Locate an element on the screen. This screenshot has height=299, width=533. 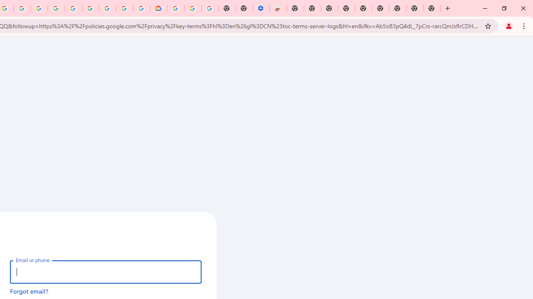
'Google Account Help' is located at coordinates (192, 8).